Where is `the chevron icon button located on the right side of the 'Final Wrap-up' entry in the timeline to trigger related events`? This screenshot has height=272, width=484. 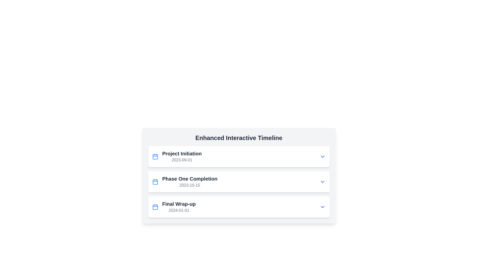 the chevron icon button located on the right side of the 'Final Wrap-up' entry in the timeline to trigger related events is located at coordinates (322, 207).